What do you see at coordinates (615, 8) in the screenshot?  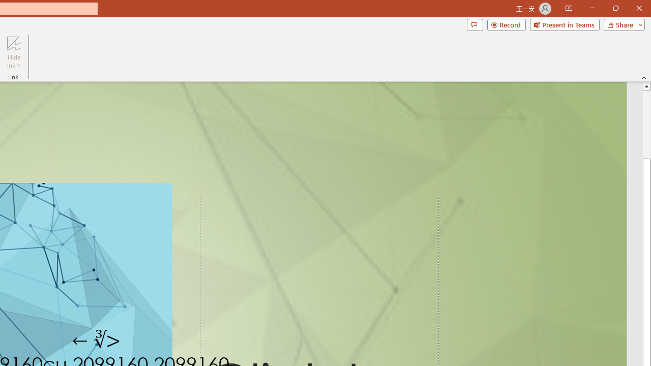 I see `'Restore Down'` at bounding box center [615, 8].